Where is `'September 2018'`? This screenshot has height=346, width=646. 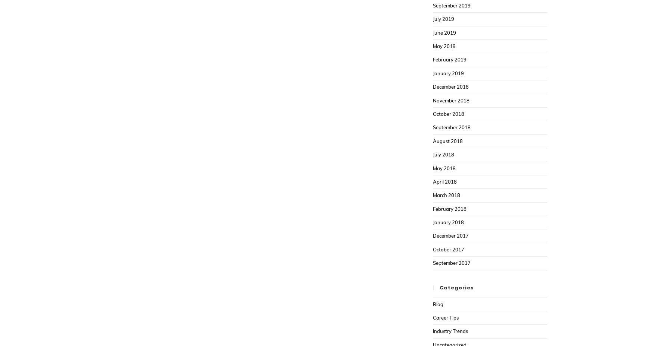
'September 2018' is located at coordinates (451, 127).